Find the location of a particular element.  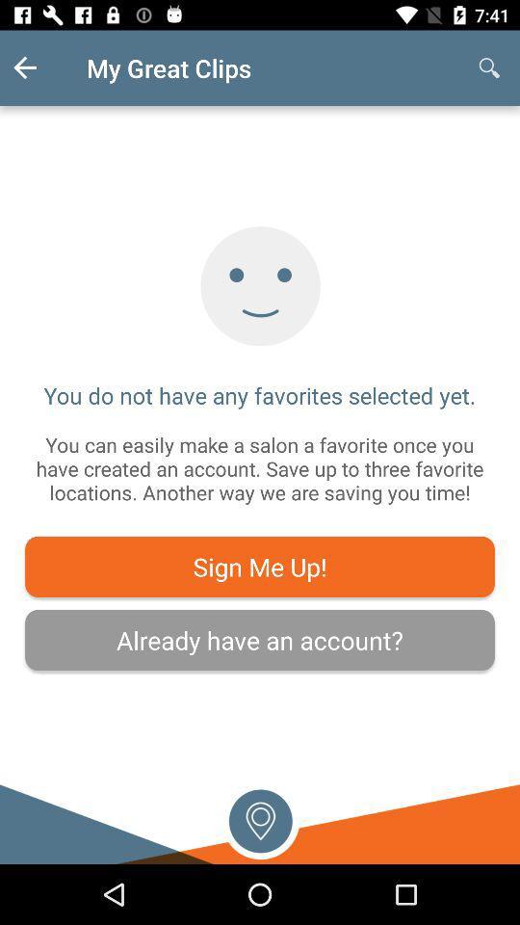

sign me up! is located at coordinates (260, 567).